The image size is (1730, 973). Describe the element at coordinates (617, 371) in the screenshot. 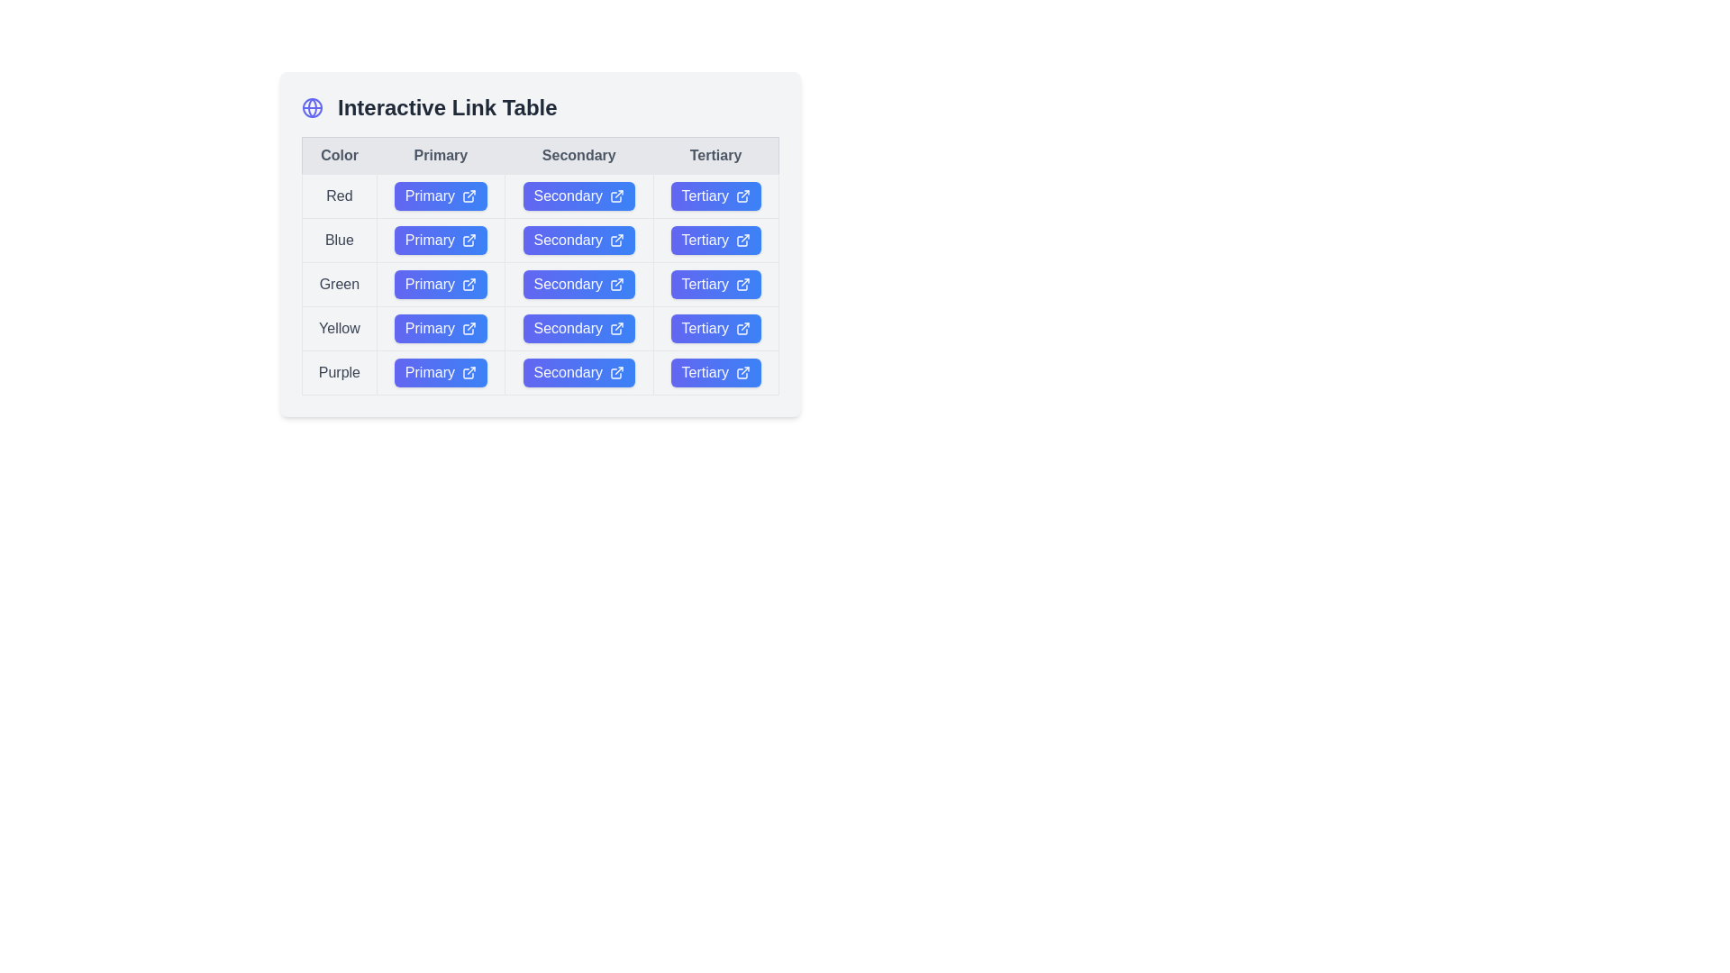

I see `the icon located immediately to the right of the 'Secondary' text within the button in the 'Purple' row and 'Secondary' column of the 'Interactive Link Table' as a visual indicator` at that location.